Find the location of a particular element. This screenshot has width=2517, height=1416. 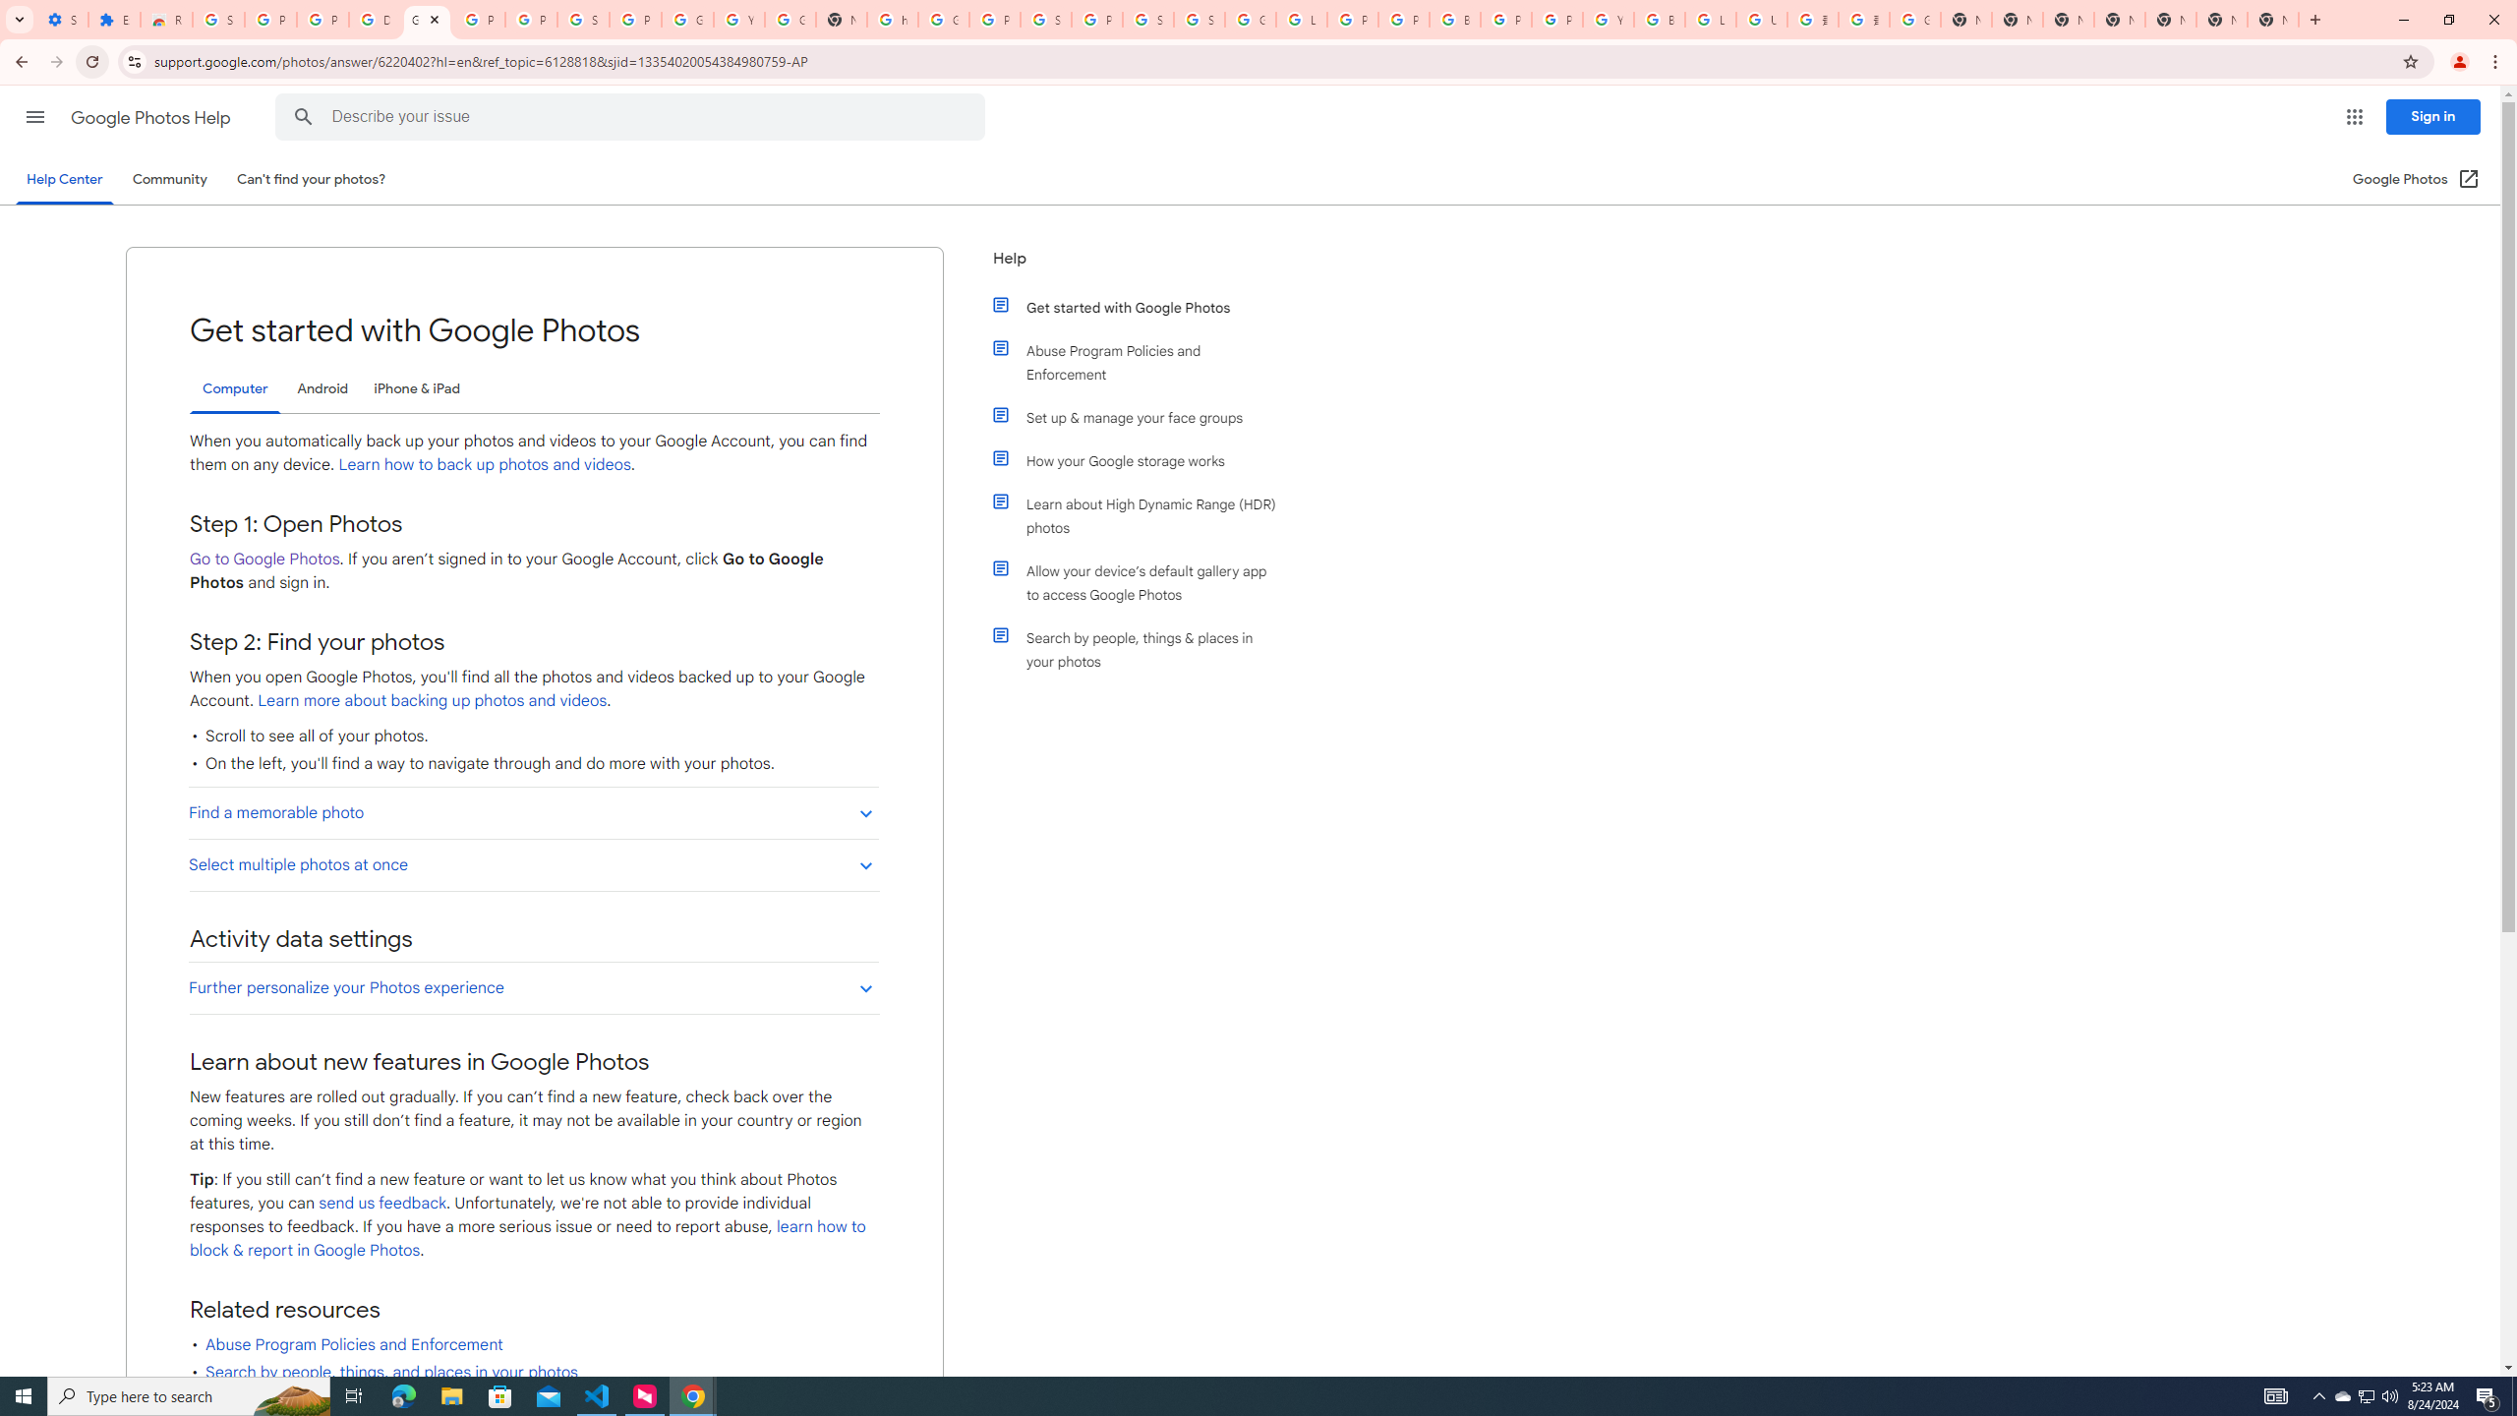

'Describe your issue' is located at coordinates (633, 116).